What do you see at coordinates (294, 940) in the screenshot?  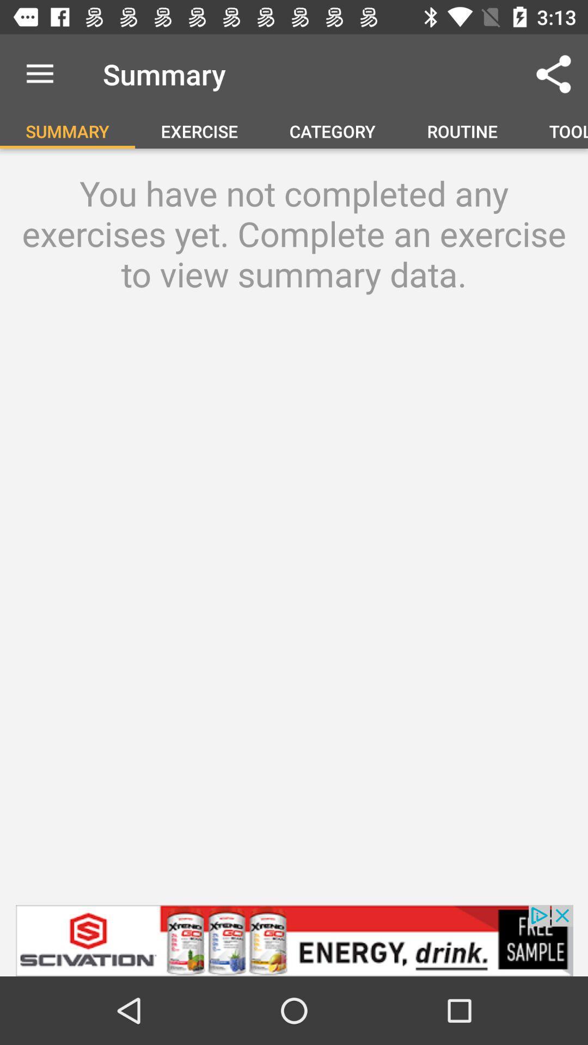 I see `the button is used to advertisement option` at bounding box center [294, 940].